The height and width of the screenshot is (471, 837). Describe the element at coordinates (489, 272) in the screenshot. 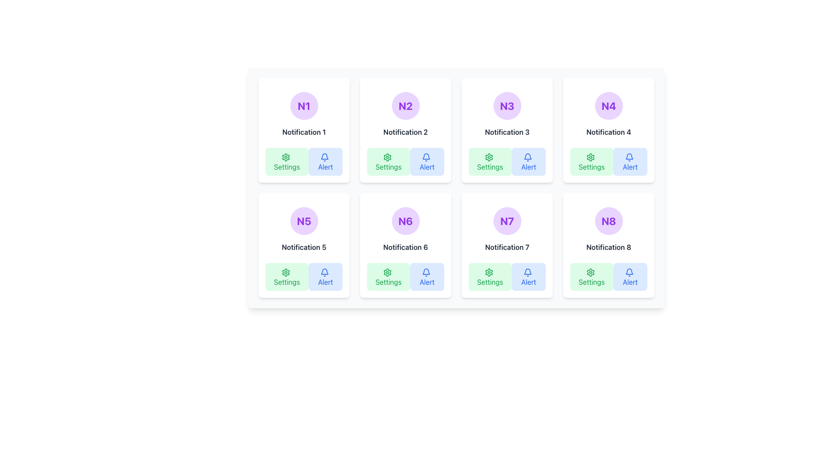

I see `the settings icon located in the lower-left corner of the seventh notification card, adjacent to the 'Alert' button` at that location.